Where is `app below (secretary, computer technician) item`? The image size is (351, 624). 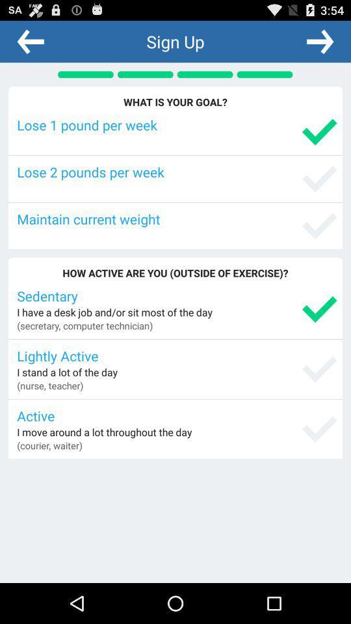 app below (secretary, computer technician) item is located at coordinates (176, 356).